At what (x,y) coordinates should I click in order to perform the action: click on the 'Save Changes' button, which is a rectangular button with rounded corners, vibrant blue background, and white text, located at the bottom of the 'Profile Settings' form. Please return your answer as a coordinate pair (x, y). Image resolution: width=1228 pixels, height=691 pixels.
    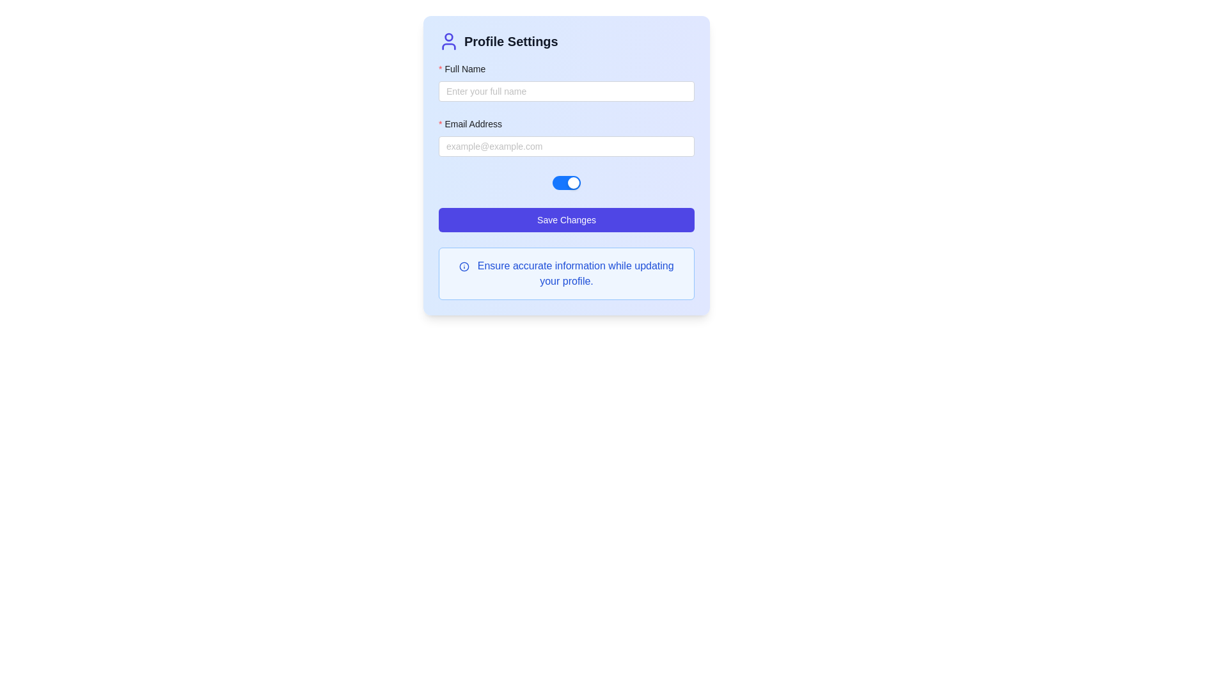
    Looking at the image, I should click on (566, 219).